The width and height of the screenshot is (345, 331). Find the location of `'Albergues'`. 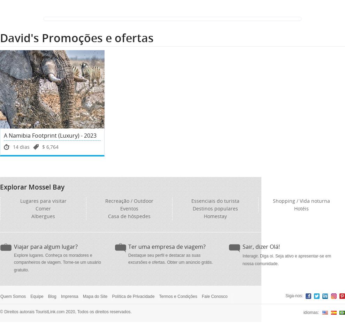

'Albergues' is located at coordinates (43, 216).